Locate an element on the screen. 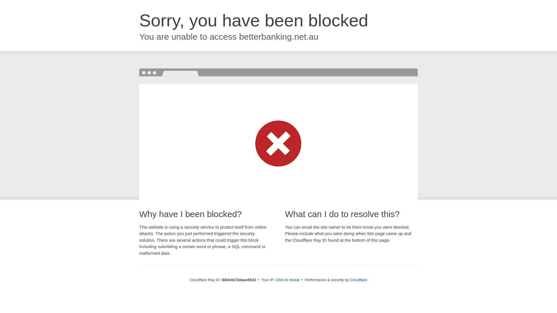  'Cloudflare' is located at coordinates (358, 279).